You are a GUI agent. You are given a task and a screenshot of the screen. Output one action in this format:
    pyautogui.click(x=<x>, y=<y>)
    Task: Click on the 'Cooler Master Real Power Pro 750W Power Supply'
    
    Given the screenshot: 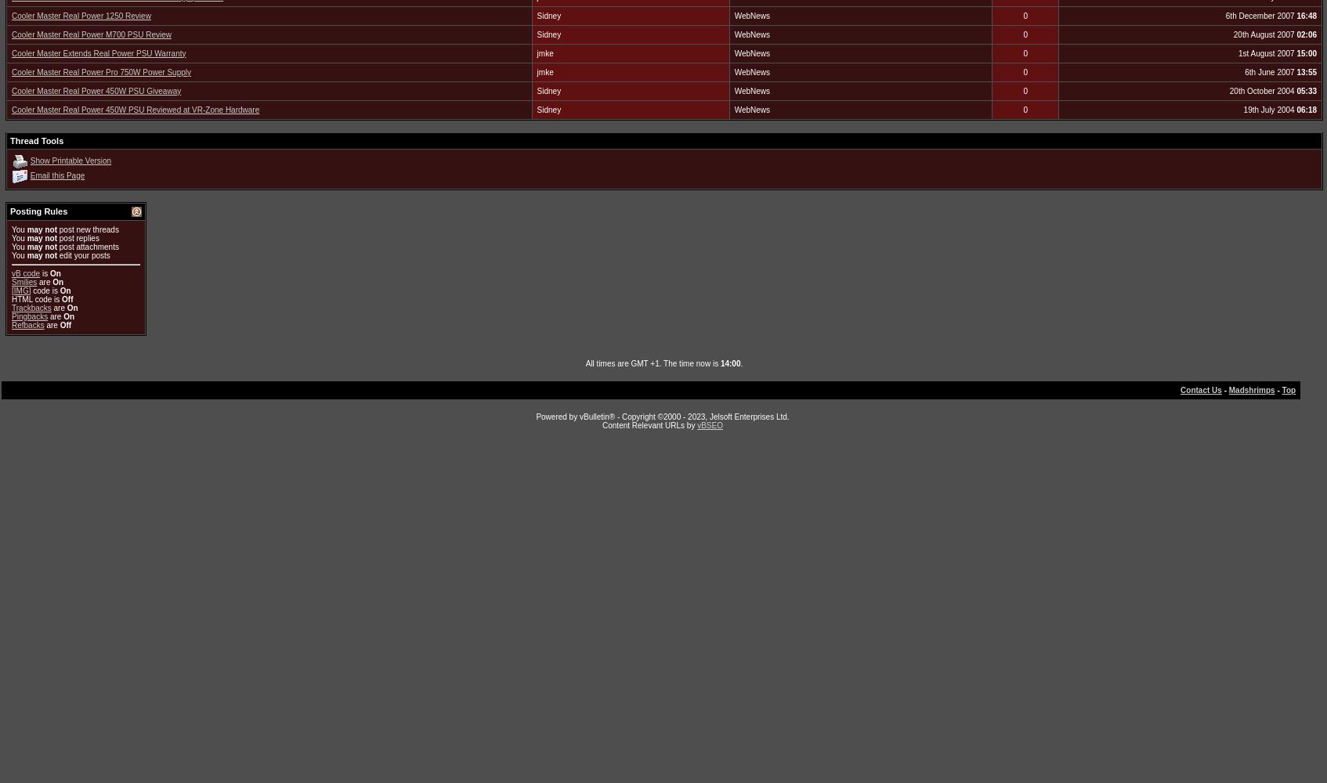 What is the action you would take?
    pyautogui.click(x=100, y=70)
    